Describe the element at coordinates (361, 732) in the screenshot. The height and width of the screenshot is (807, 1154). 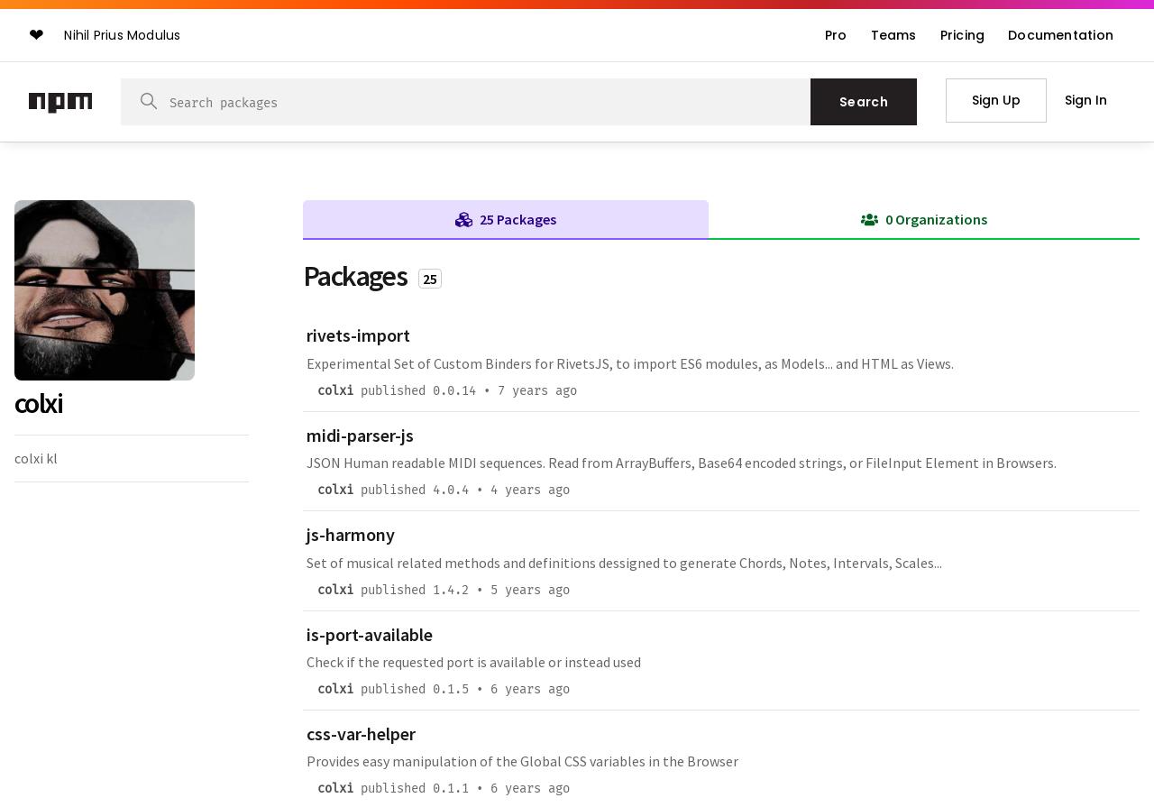
I see `'css-var-helper'` at that location.